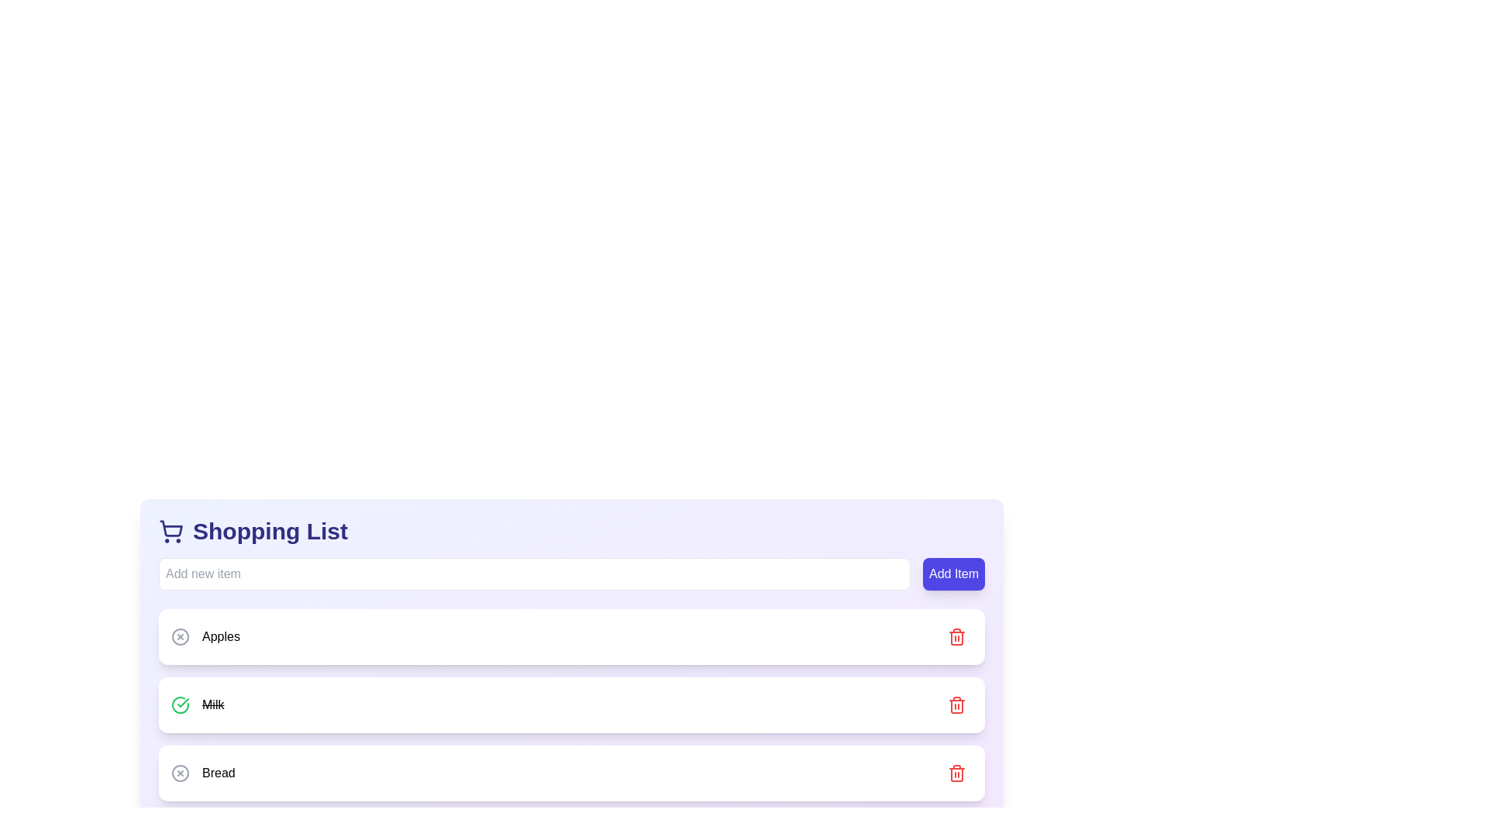 The image size is (1488, 837). Describe the element at coordinates (197, 705) in the screenshot. I see `the 'Milk' text label with strikethrough, located to the right of a green checkmark icon in the shopping list interface` at that location.